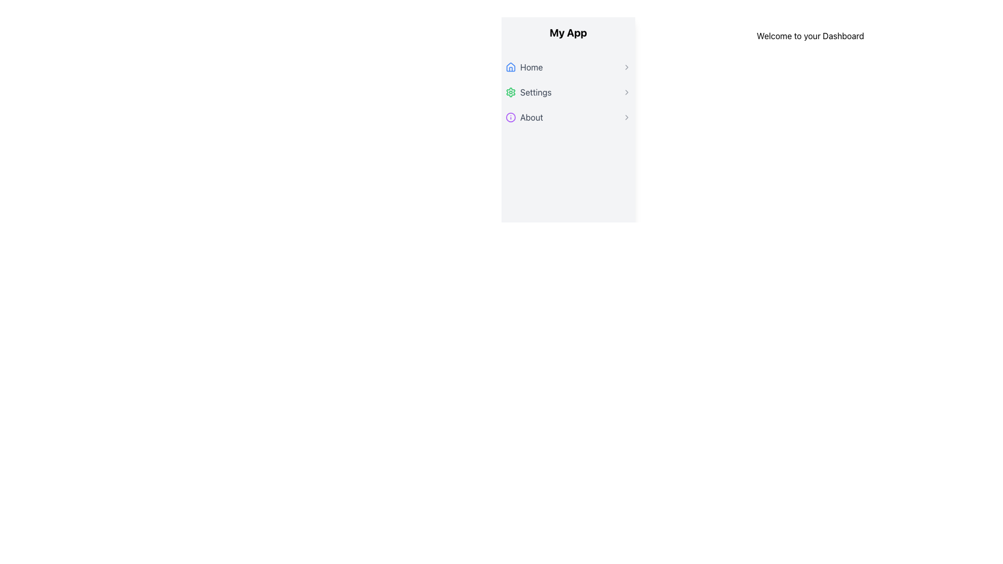 This screenshot has width=1003, height=564. Describe the element at coordinates (511, 66) in the screenshot. I see `the 'Home' icon in the navigation menu, which is the first item and visually represents the homepage access` at that location.